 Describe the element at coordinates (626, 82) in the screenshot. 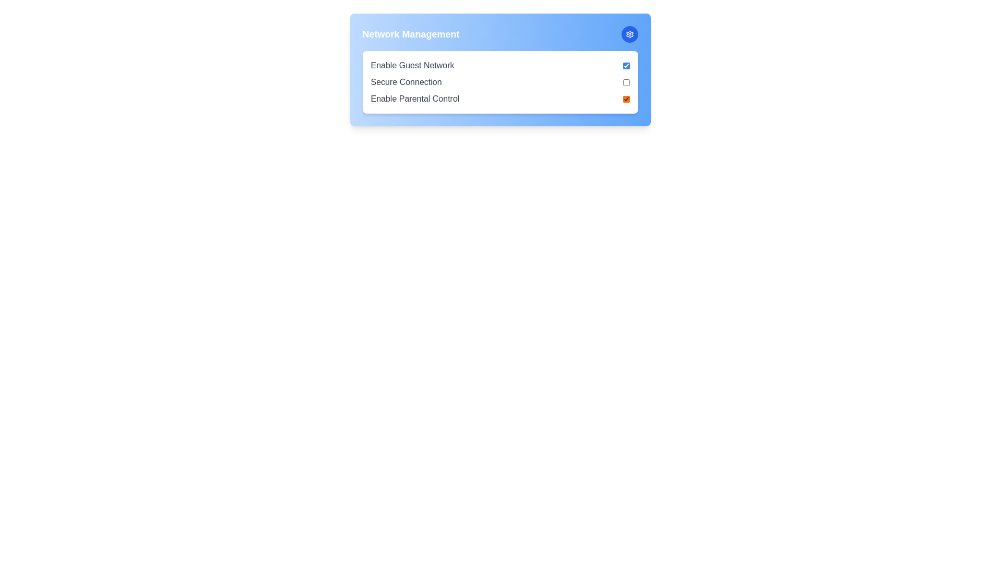

I see `the second checkbox labeled 'Secure Connection'` at that location.